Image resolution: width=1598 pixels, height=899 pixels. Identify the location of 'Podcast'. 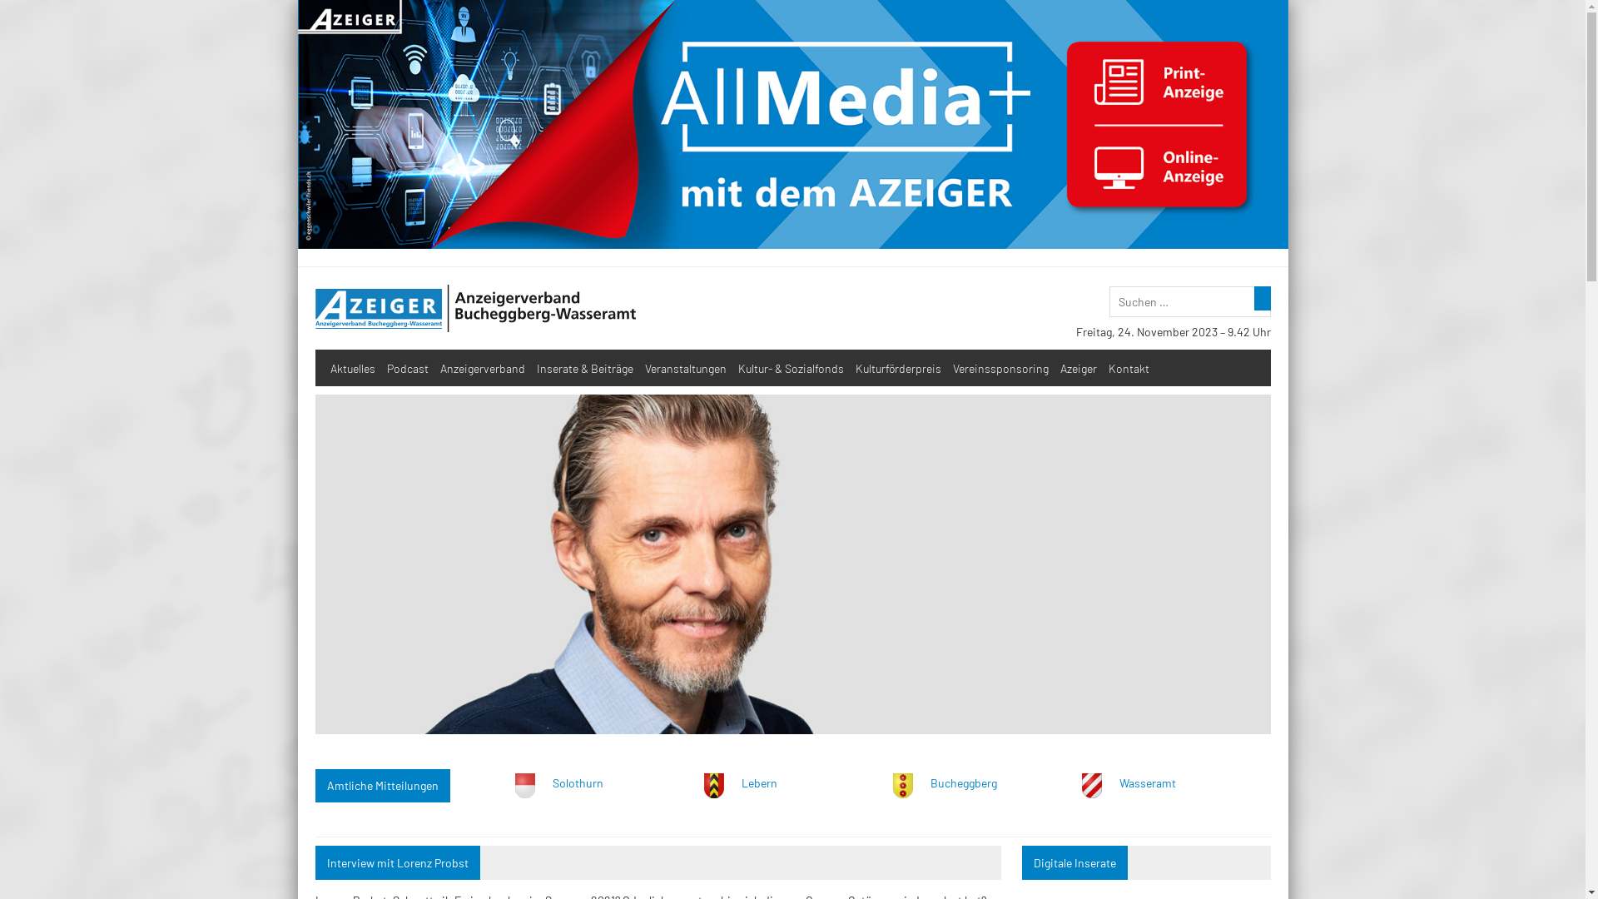
(380, 366).